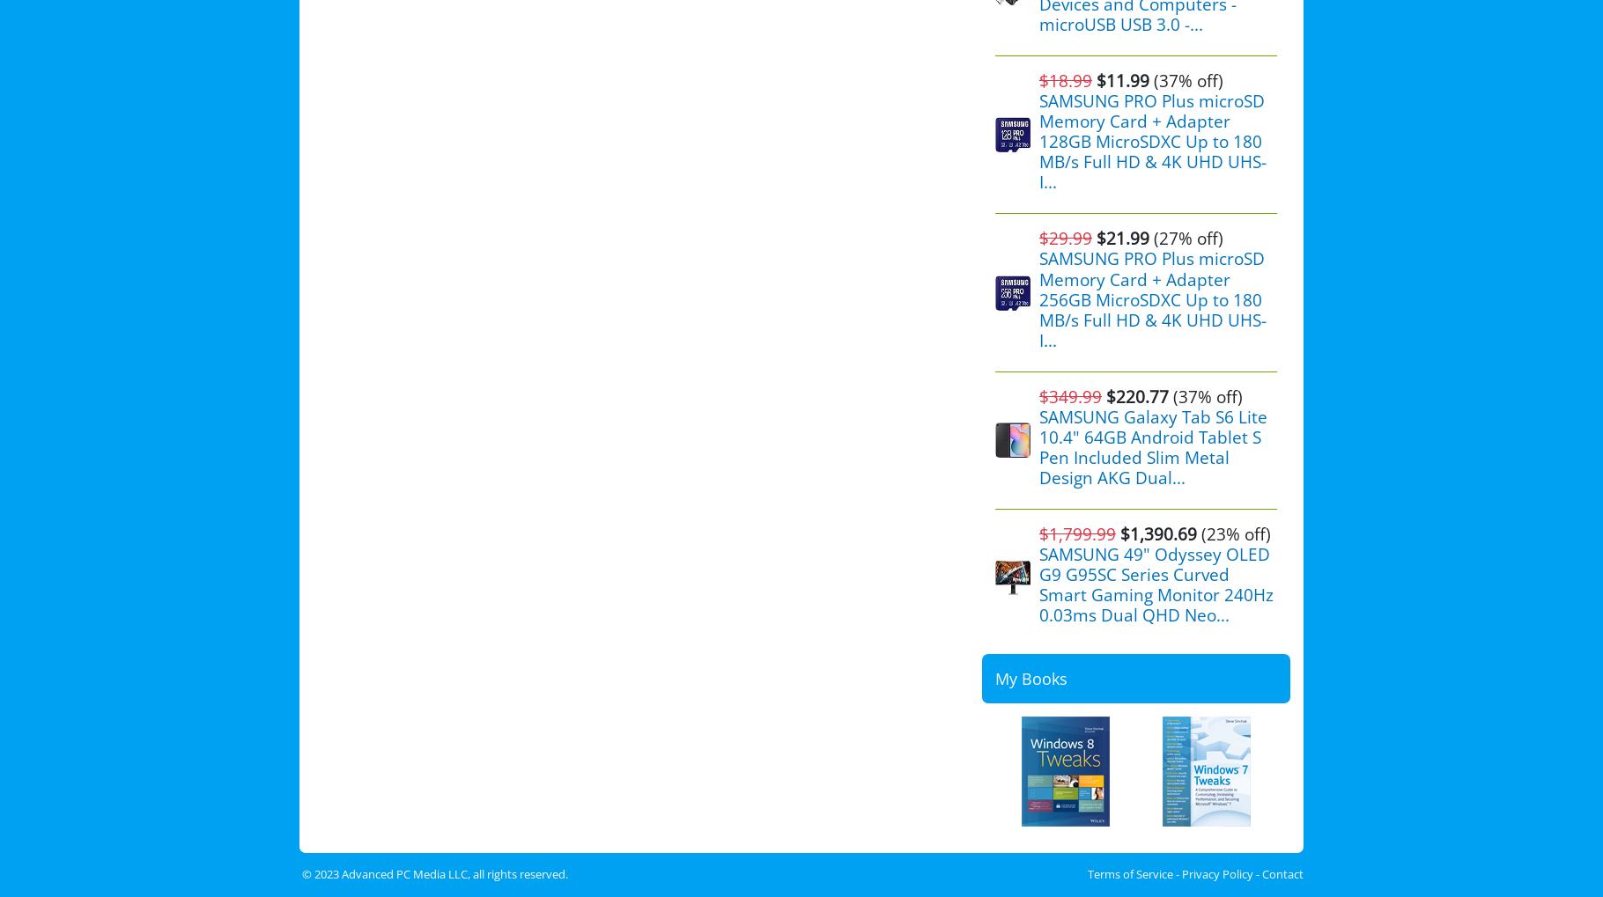  I want to click on '$349.99', so click(1070, 395).